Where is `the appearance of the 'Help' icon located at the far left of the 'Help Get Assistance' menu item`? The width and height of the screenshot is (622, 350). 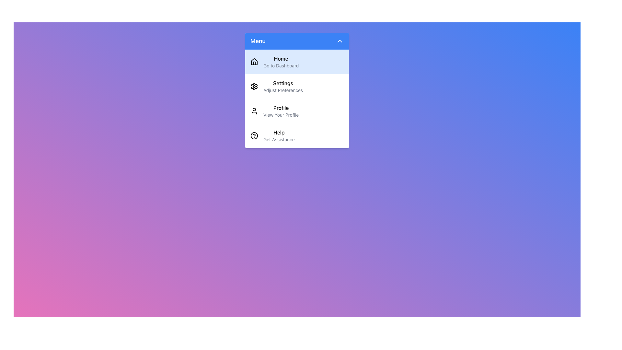
the appearance of the 'Help' icon located at the far left of the 'Help Get Assistance' menu item is located at coordinates (254, 135).